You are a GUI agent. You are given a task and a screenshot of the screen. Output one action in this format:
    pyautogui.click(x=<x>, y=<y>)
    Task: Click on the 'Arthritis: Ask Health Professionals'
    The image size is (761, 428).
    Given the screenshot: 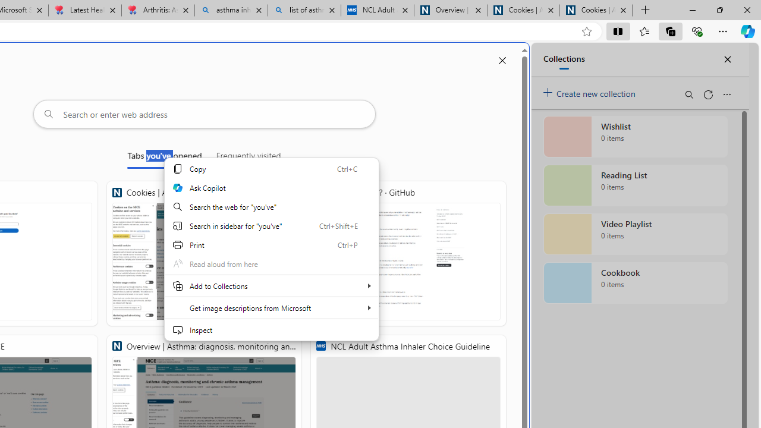 What is the action you would take?
    pyautogui.click(x=157, y=10)
    